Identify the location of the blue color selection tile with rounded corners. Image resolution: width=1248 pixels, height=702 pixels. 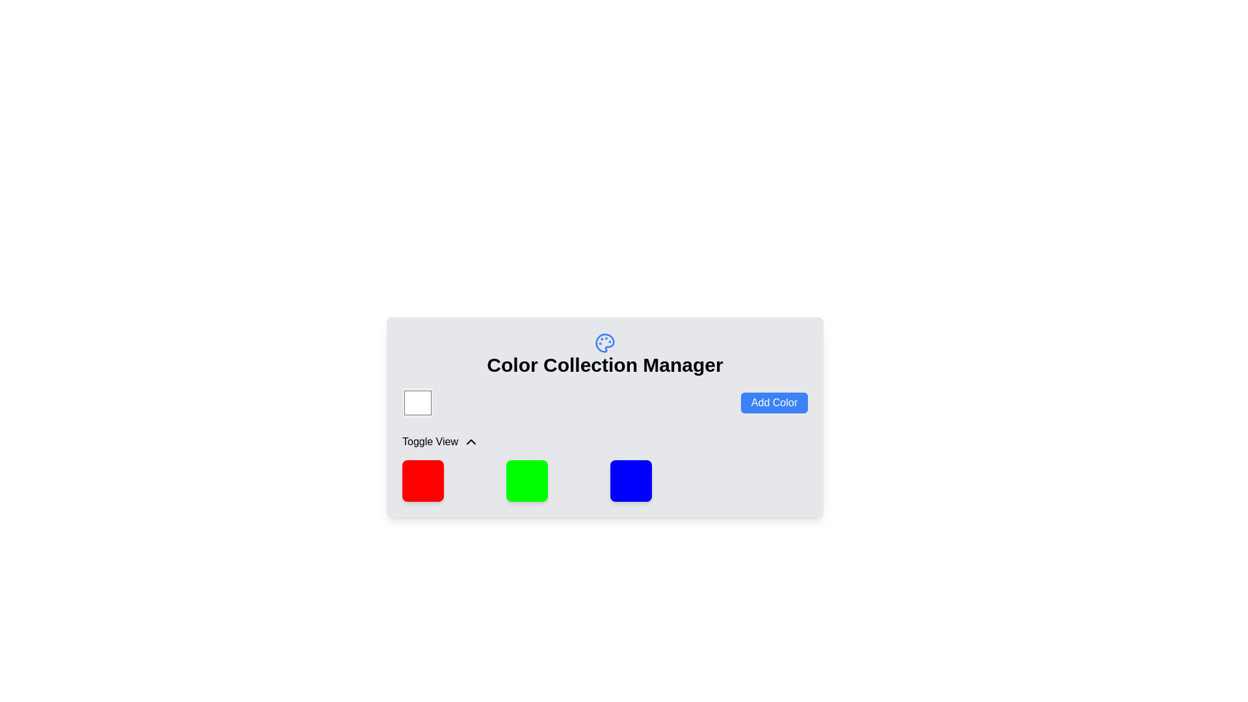
(630, 481).